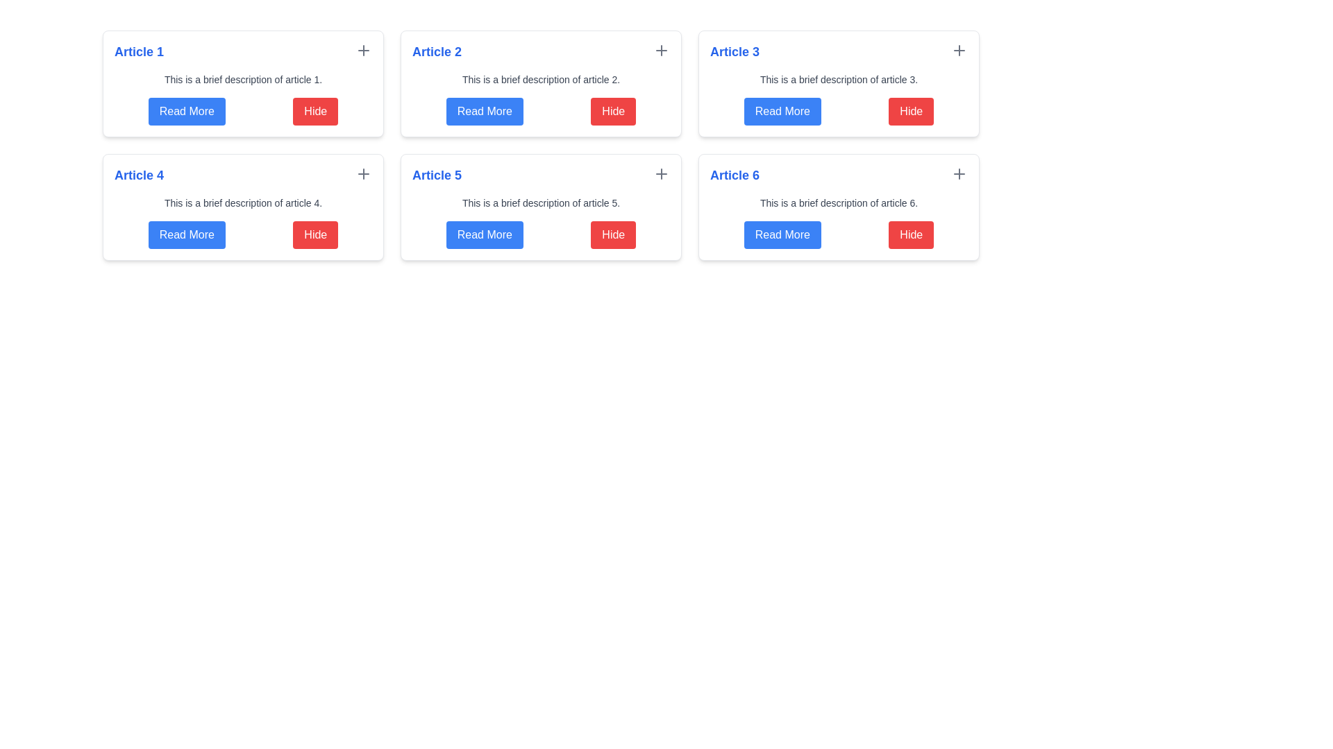 The image size is (1333, 749). What do you see at coordinates (734, 51) in the screenshot?
I see `the text label or heading located at the top-left of the top-center card in the grid layout, which serves as the title of the section` at bounding box center [734, 51].